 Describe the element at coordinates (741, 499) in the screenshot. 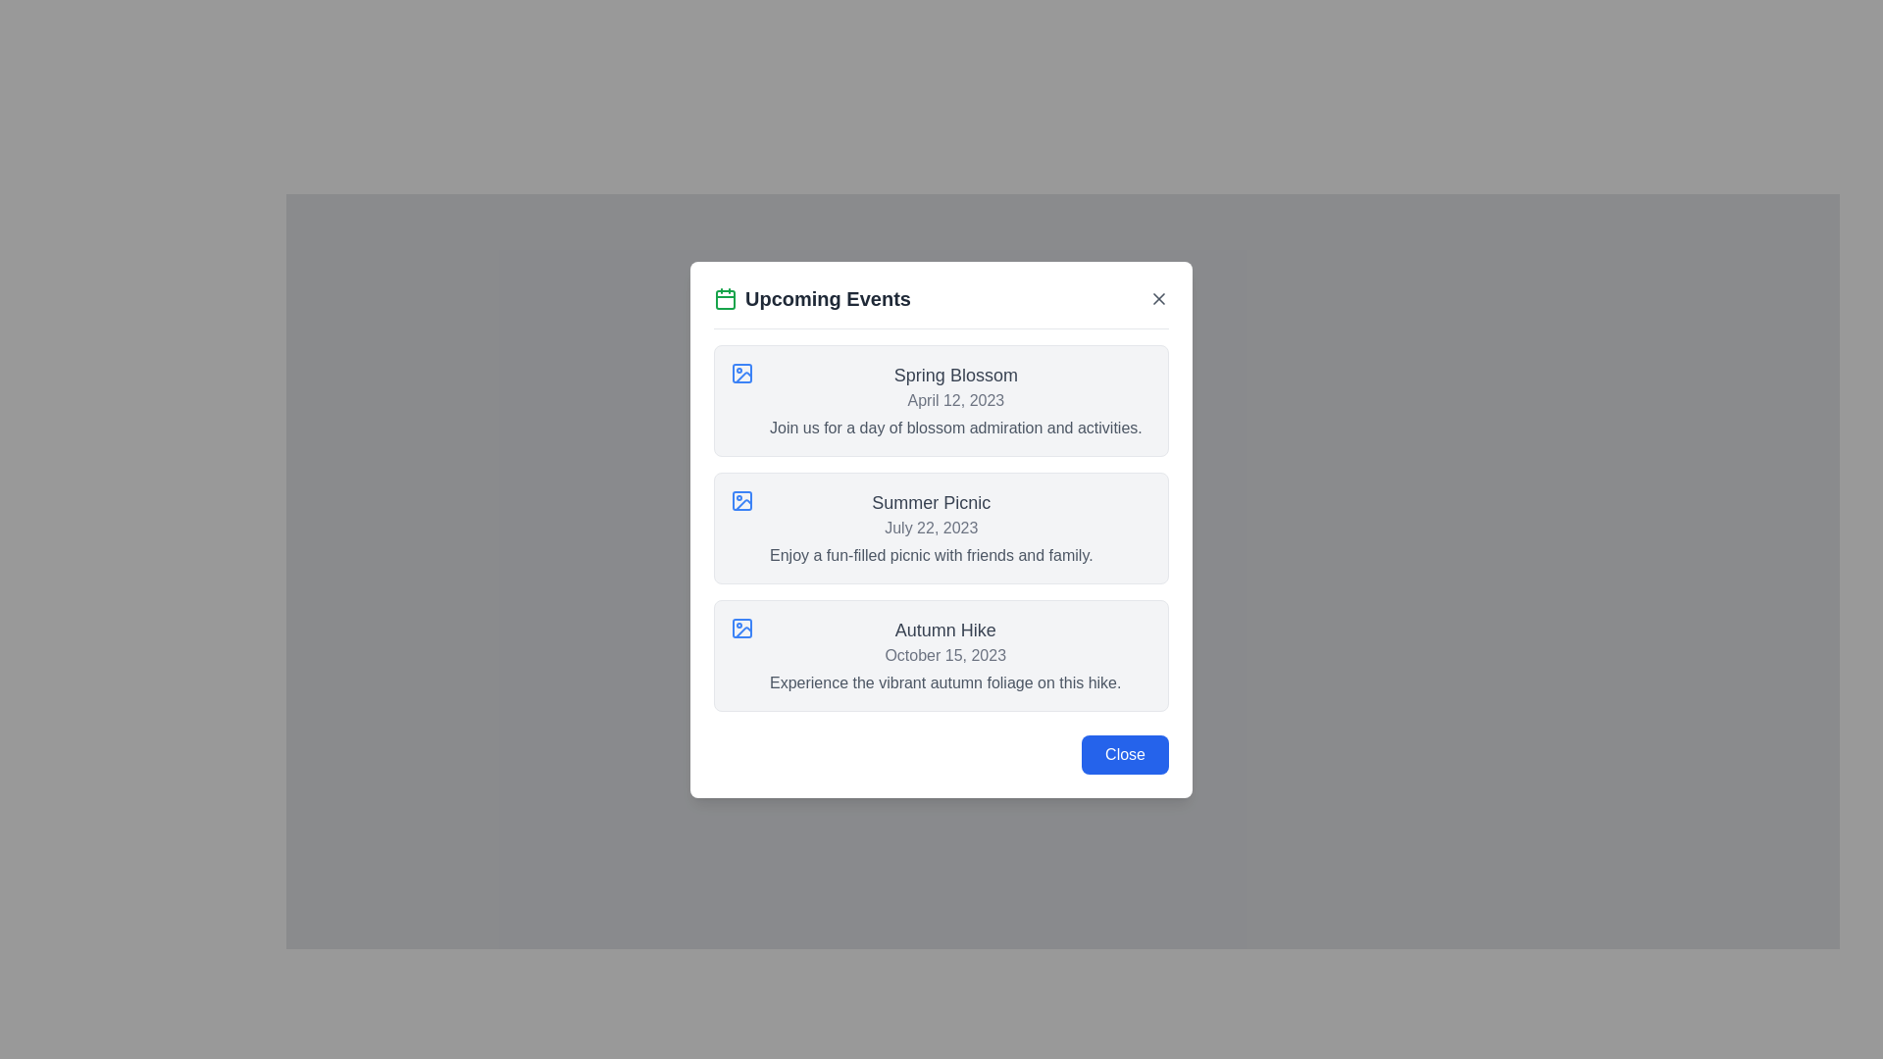

I see `the SVG rectangle that serves as the background section of the graphical component in the icon next to the text 'Summer Picnic' in the second row of the list` at that location.